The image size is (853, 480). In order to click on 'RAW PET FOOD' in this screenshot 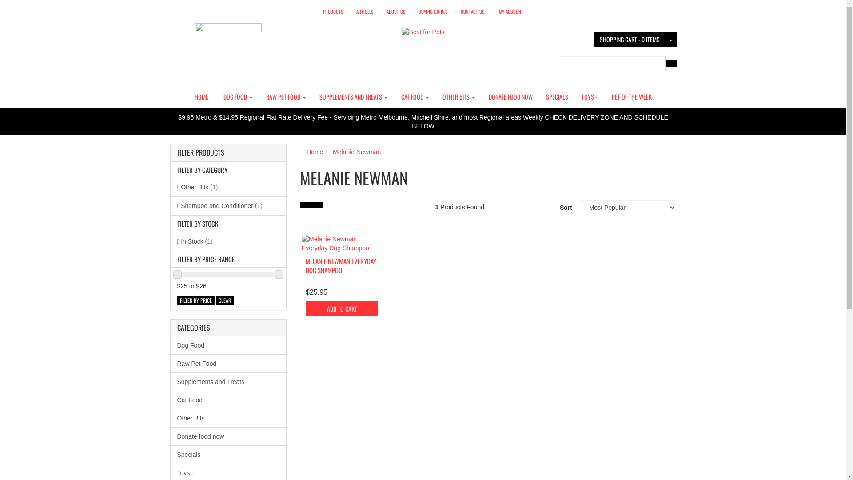, I will do `click(286, 97)`.